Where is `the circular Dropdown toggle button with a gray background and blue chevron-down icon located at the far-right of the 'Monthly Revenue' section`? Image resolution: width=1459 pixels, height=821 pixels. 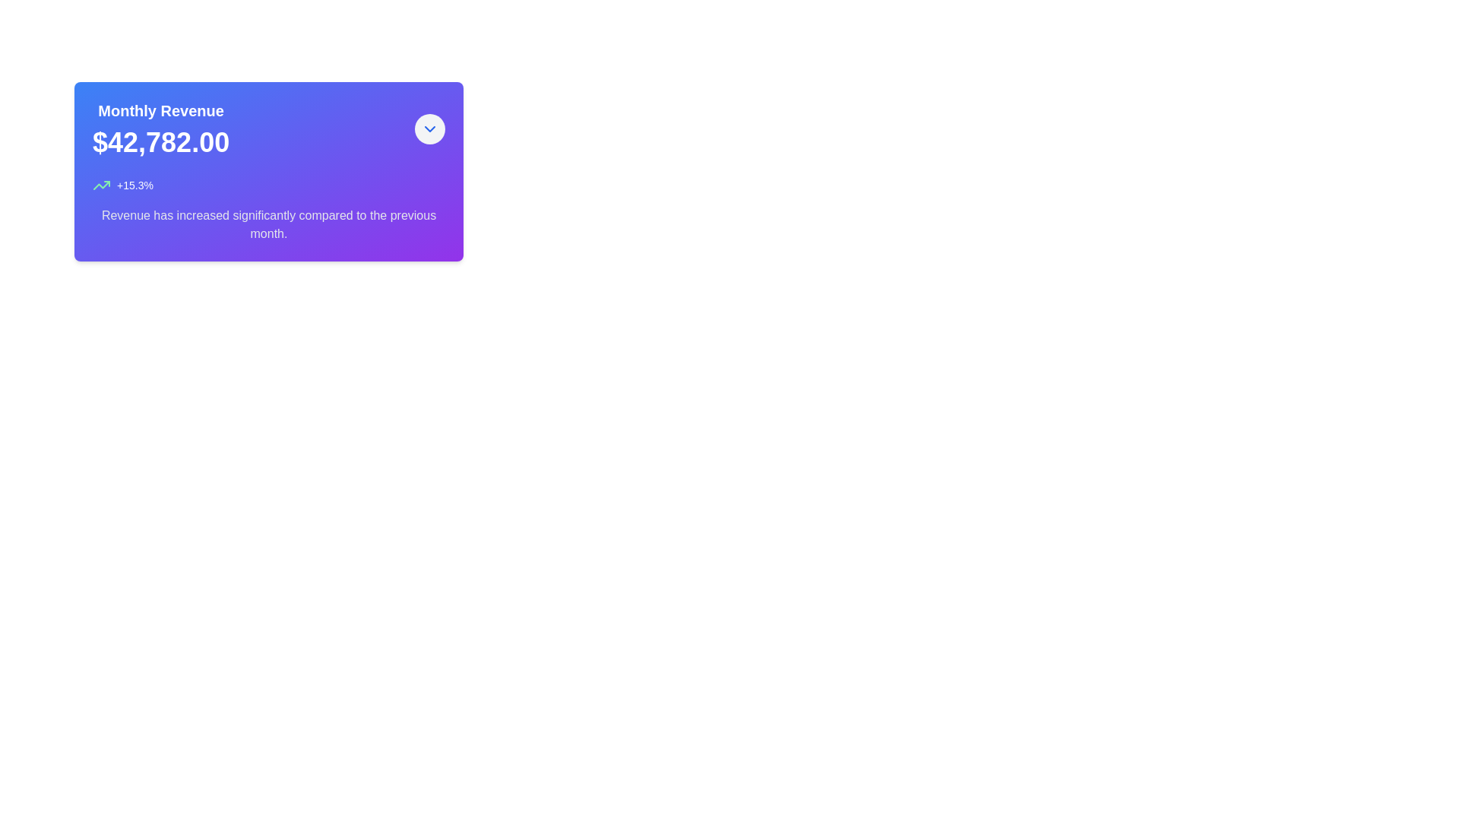 the circular Dropdown toggle button with a gray background and blue chevron-down icon located at the far-right of the 'Monthly Revenue' section is located at coordinates (429, 128).